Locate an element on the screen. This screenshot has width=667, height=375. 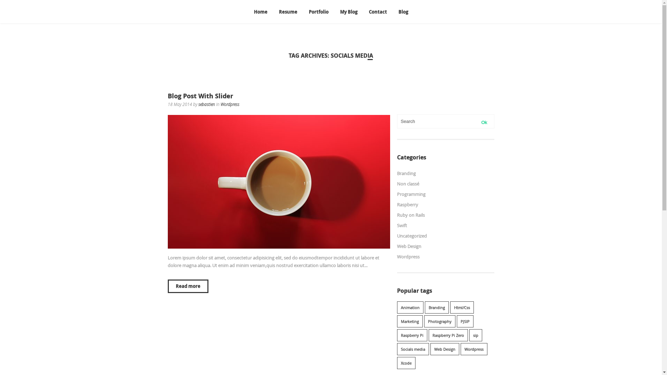
'Portfolio' is located at coordinates (318, 12).